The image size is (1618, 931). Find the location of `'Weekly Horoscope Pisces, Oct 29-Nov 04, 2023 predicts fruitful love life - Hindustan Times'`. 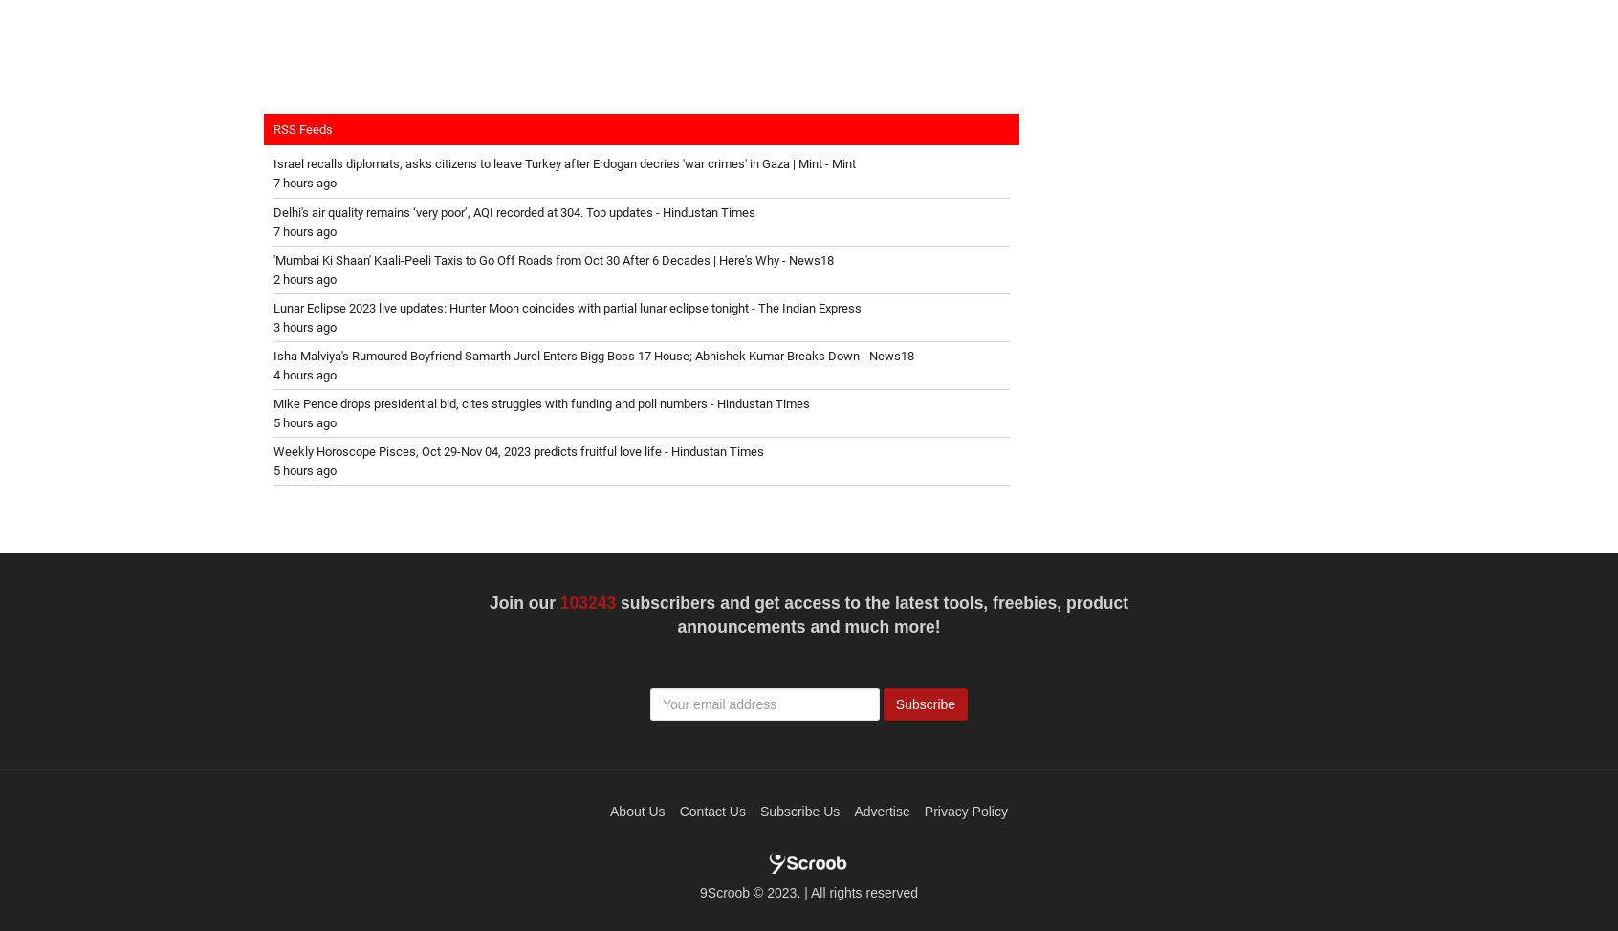

'Weekly Horoscope Pisces, Oct 29-Nov 04, 2023 predicts fruitful love life - Hindustan Times' is located at coordinates (272, 449).